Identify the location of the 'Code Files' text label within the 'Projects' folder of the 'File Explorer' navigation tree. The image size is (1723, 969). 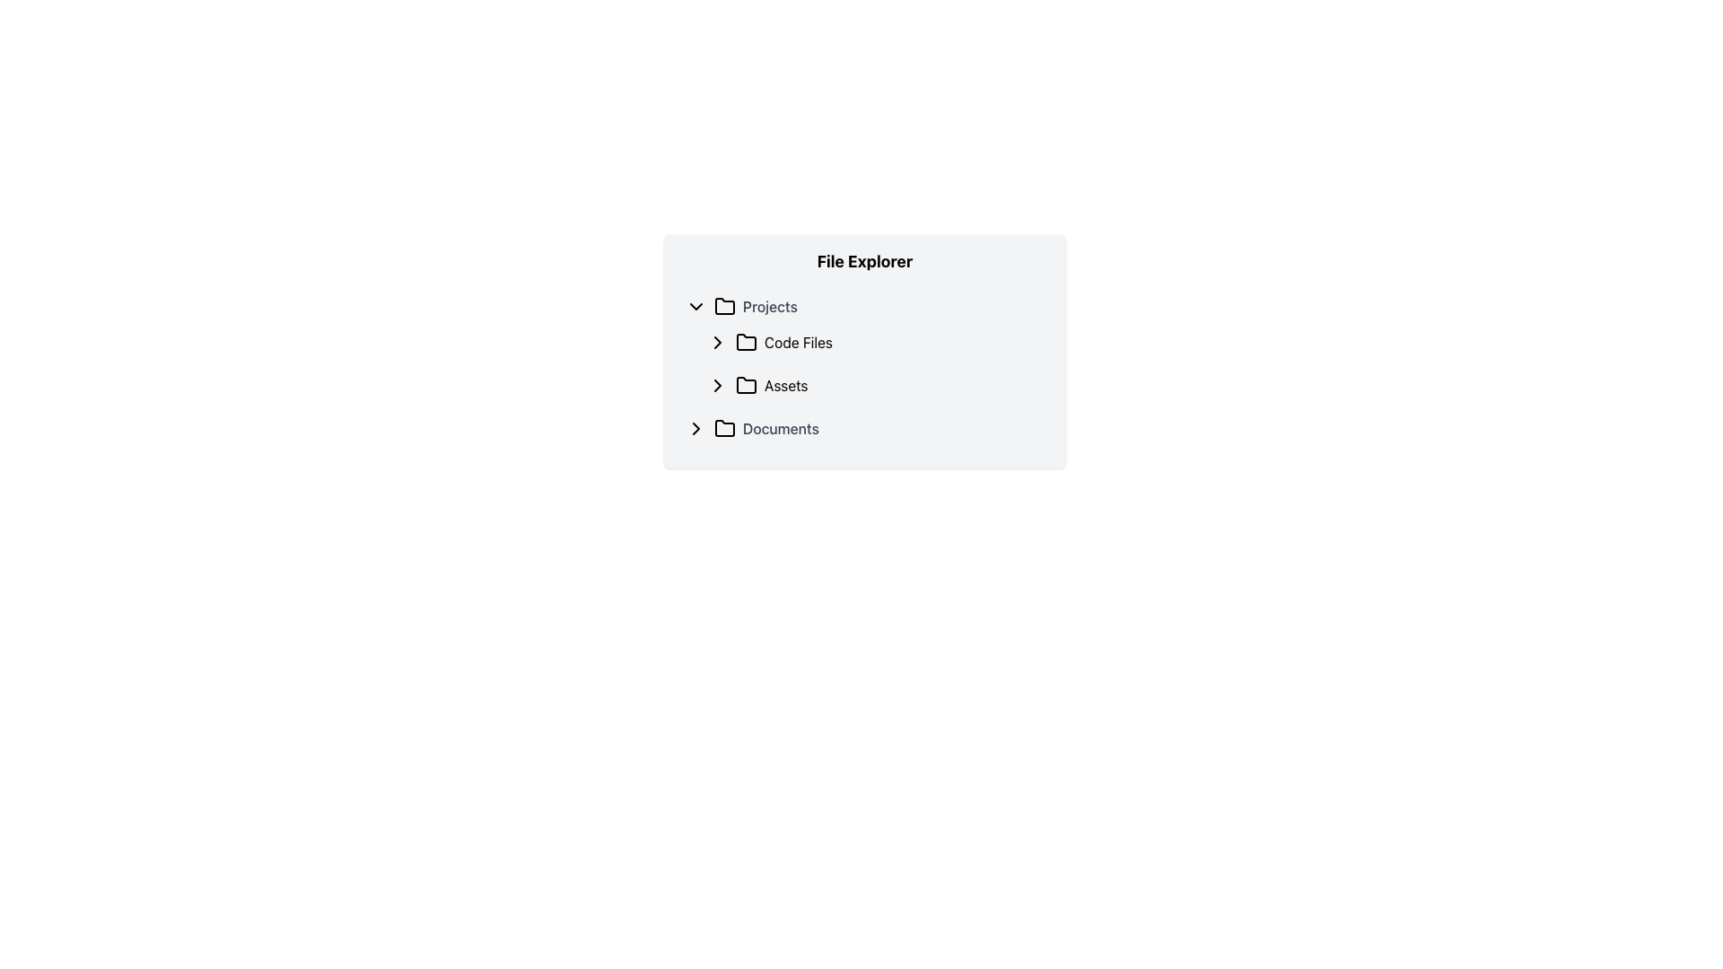
(797, 342).